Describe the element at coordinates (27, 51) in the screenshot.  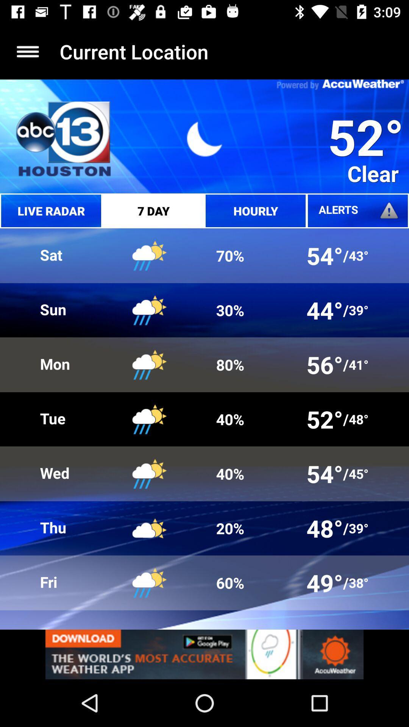
I see `more menu options` at that location.